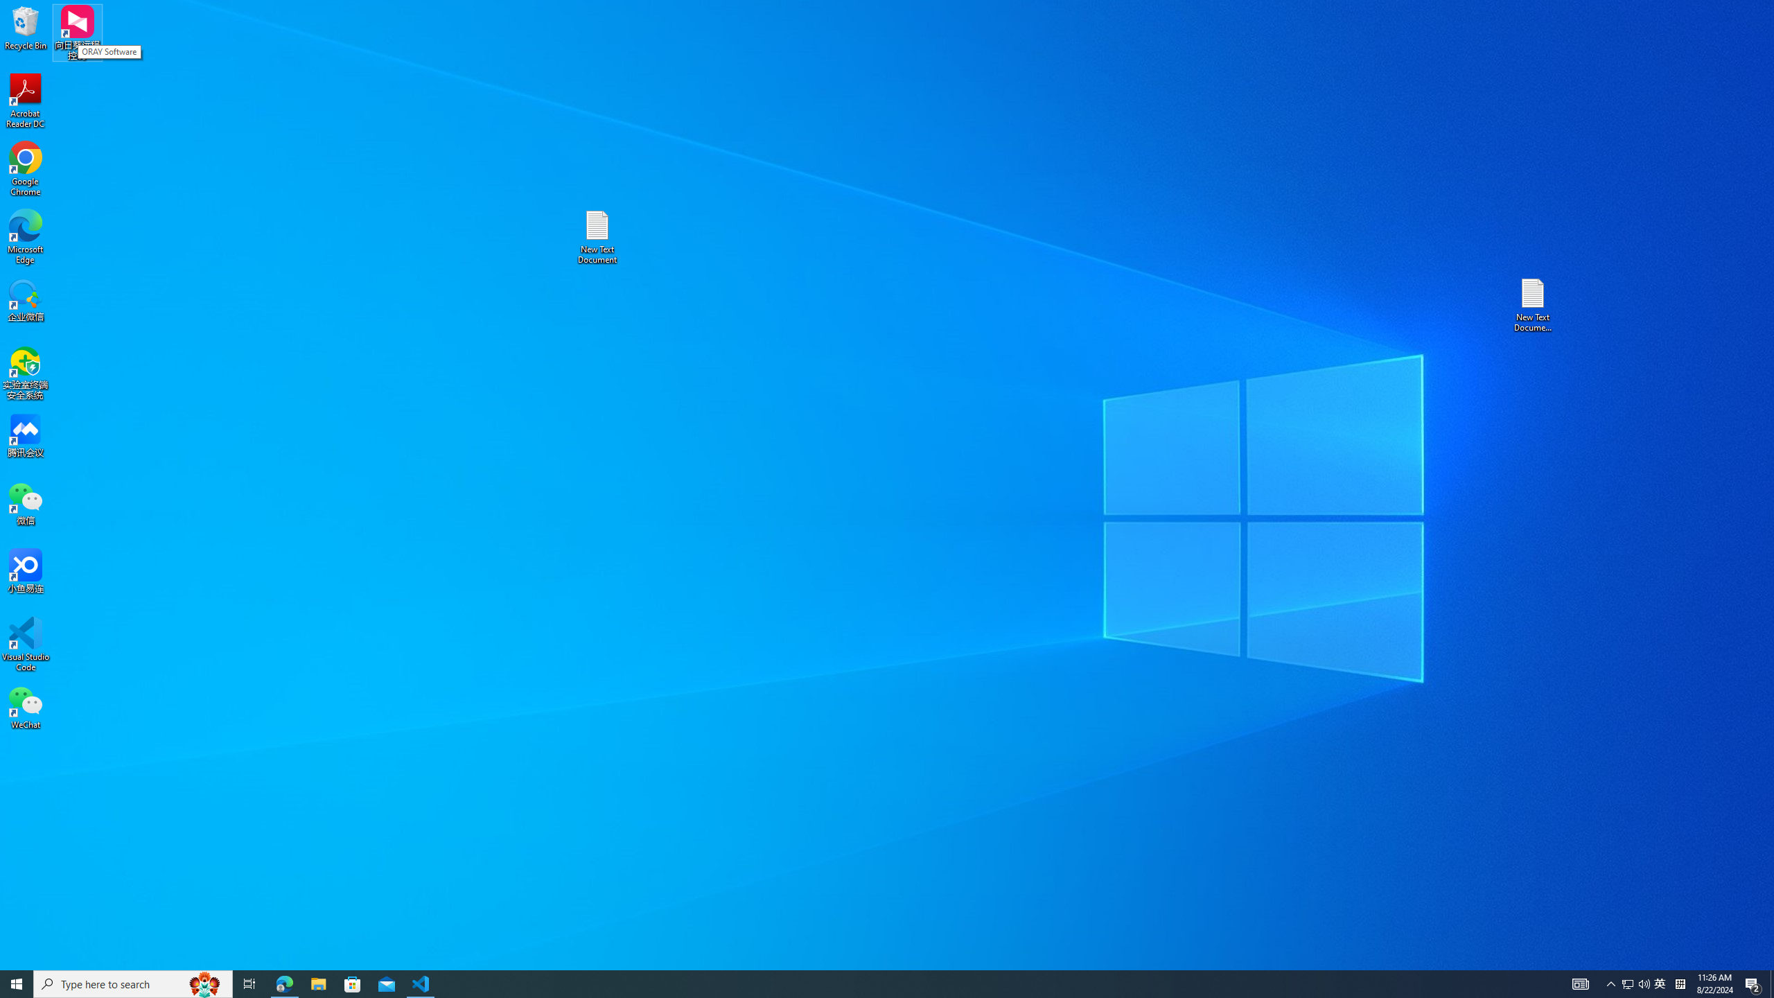 This screenshot has height=998, width=1774. What do you see at coordinates (25, 643) in the screenshot?
I see `'Visual Studio Code'` at bounding box center [25, 643].